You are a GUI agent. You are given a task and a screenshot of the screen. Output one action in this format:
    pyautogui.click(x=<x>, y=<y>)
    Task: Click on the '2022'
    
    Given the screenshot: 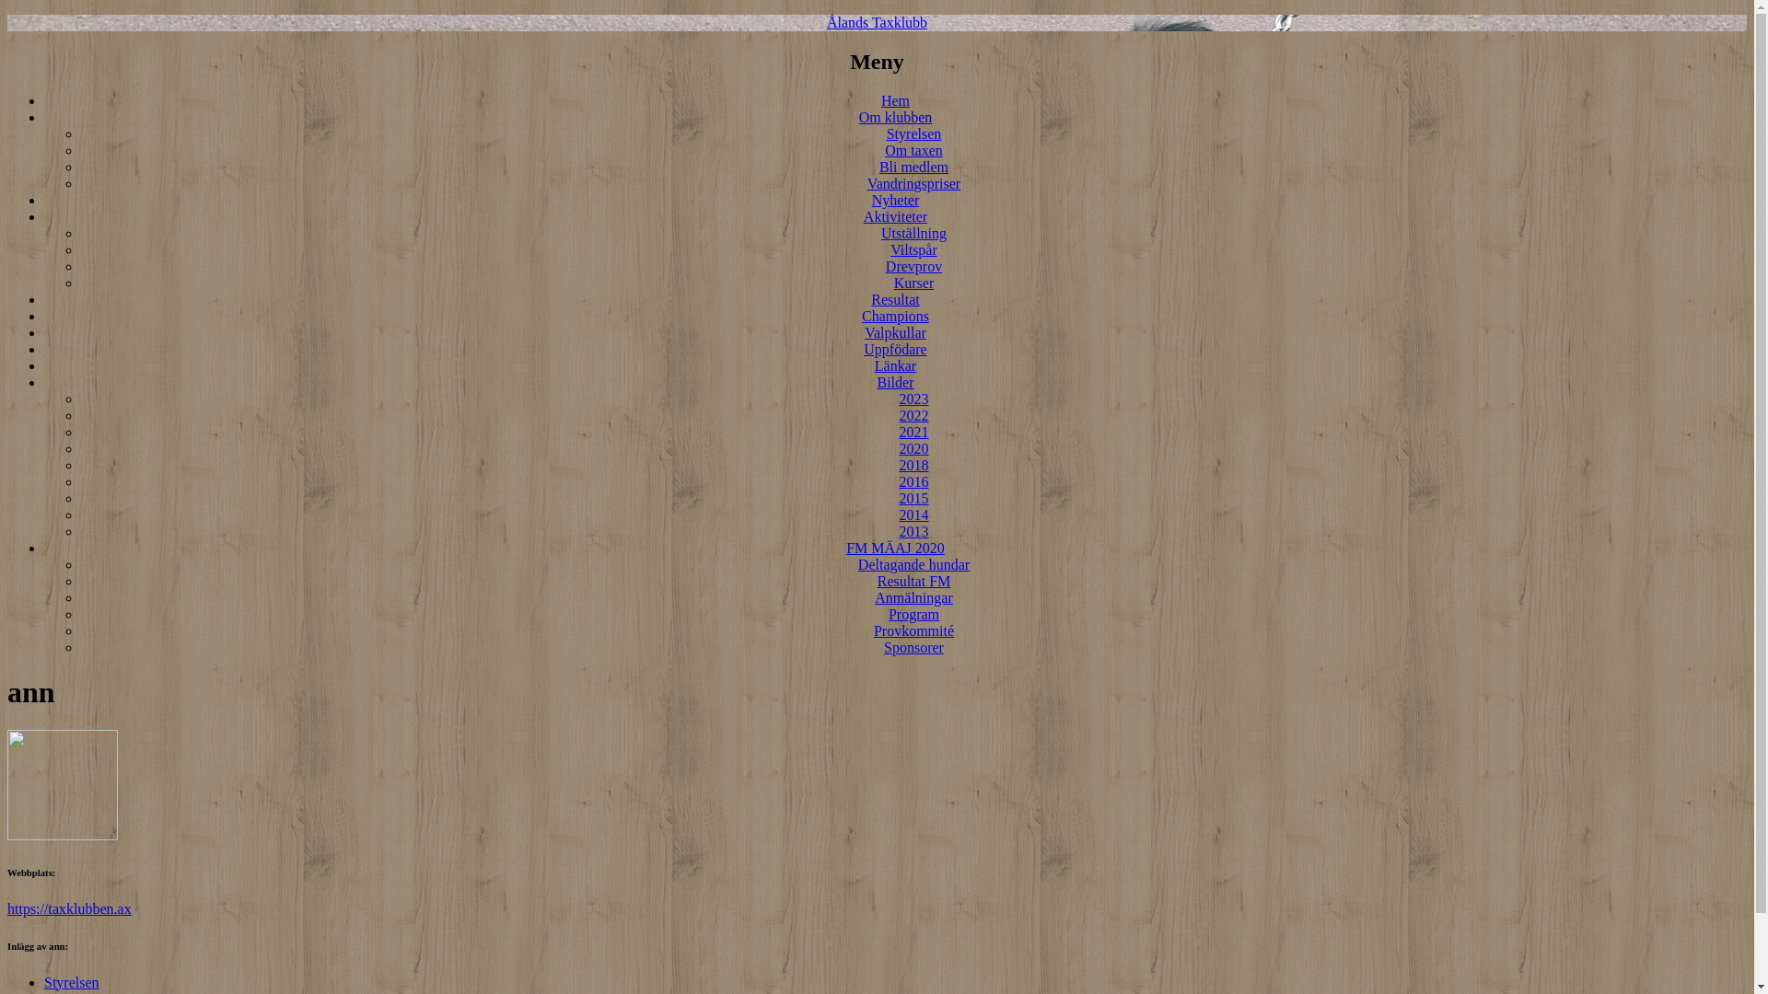 What is the action you would take?
    pyautogui.click(x=913, y=415)
    